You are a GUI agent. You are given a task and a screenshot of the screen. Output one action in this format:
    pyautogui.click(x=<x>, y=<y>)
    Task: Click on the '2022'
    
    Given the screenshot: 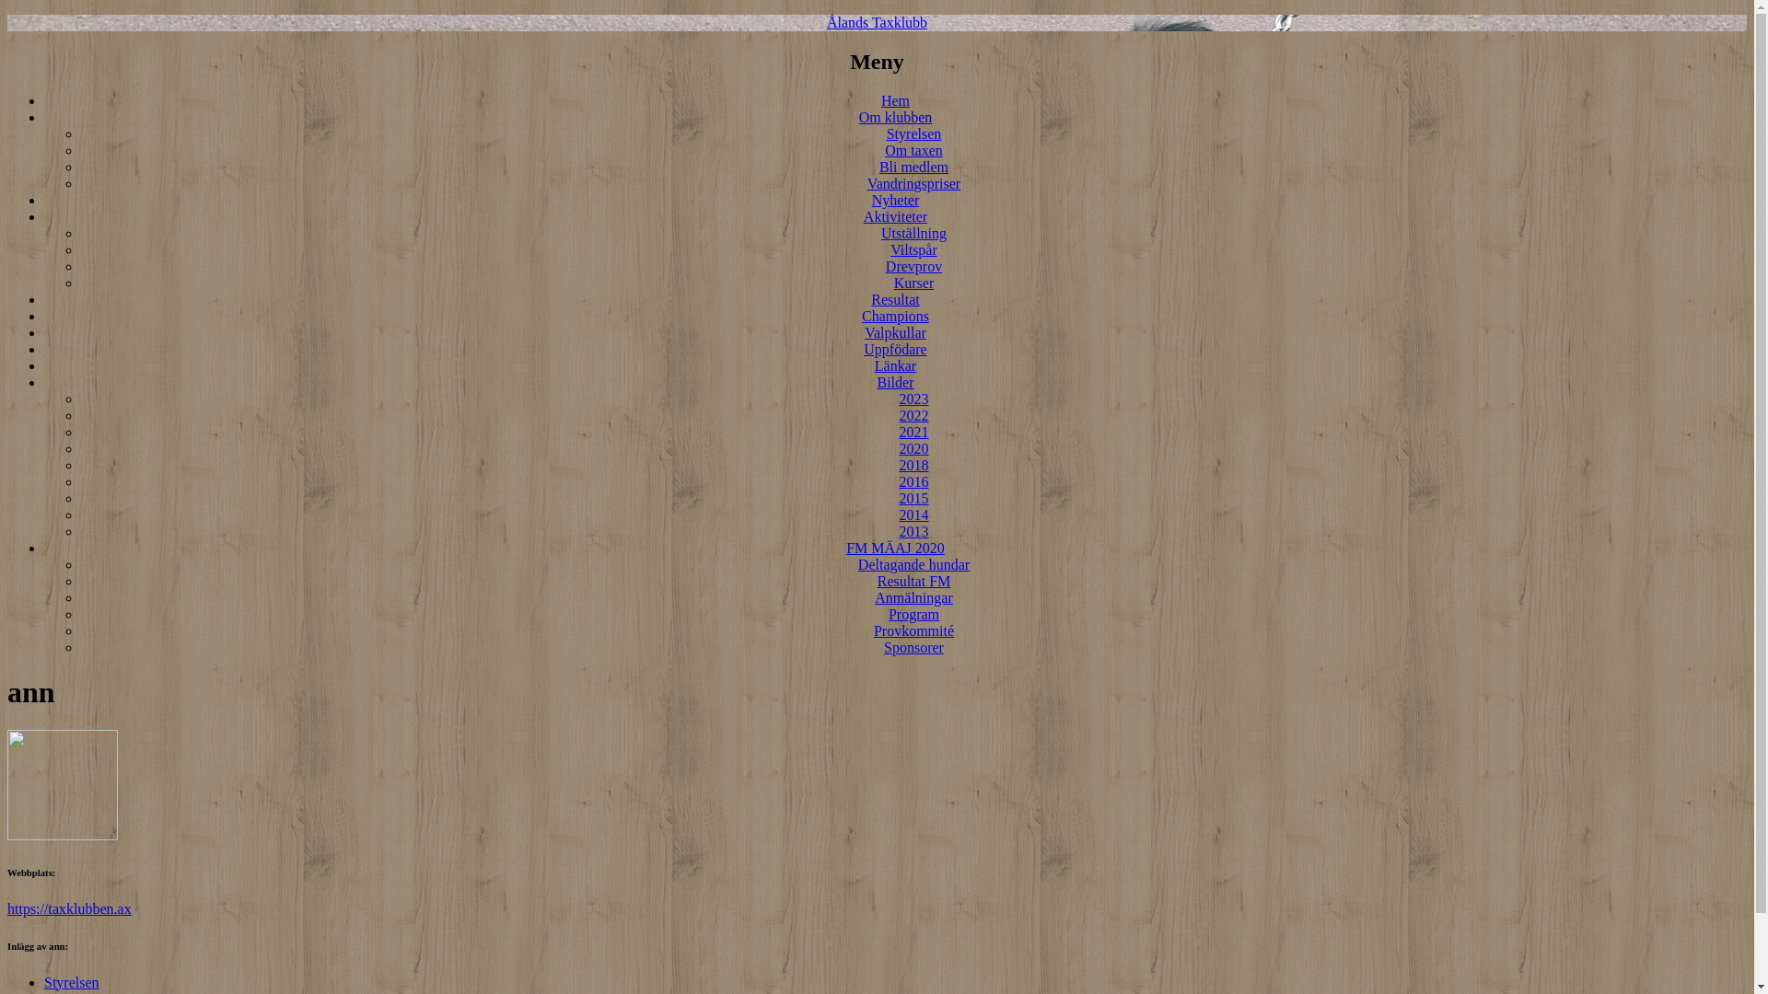 What is the action you would take?
    pyautogui.click(x=913, y=415)
    